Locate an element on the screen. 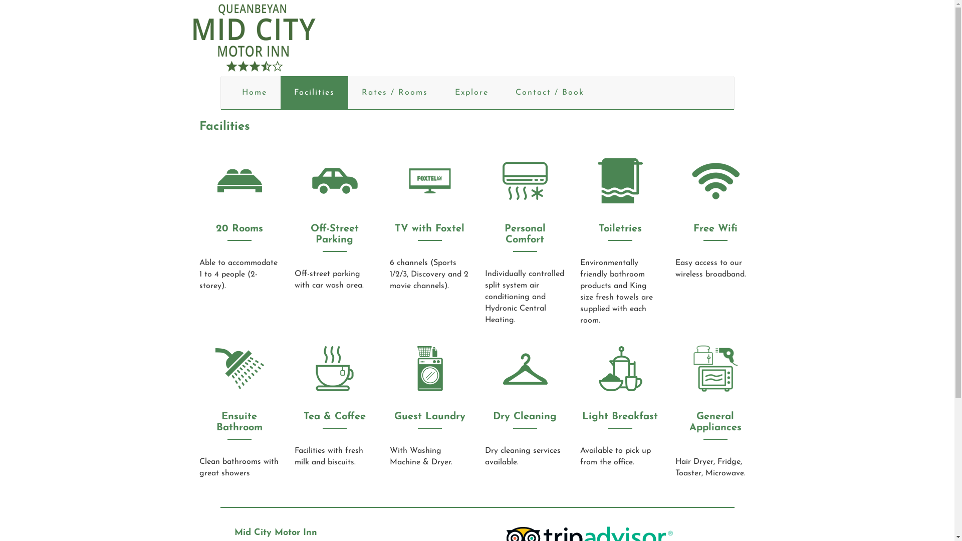 The height and width of the screenshot is (541, 962). 'Facilities' is located at coordinates (314, 93).